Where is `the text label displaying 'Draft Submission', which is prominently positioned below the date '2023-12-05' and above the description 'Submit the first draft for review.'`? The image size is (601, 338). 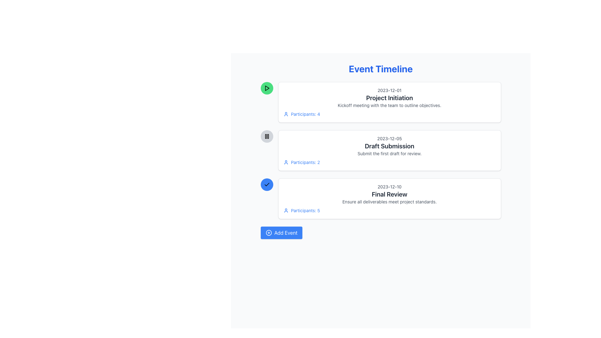
the text label displaying 'Draft Submission', which is prominently positioned below the date '2023-12-05' and above the description 'Submit the first draft for review.' is located at coordinates (389, 146).